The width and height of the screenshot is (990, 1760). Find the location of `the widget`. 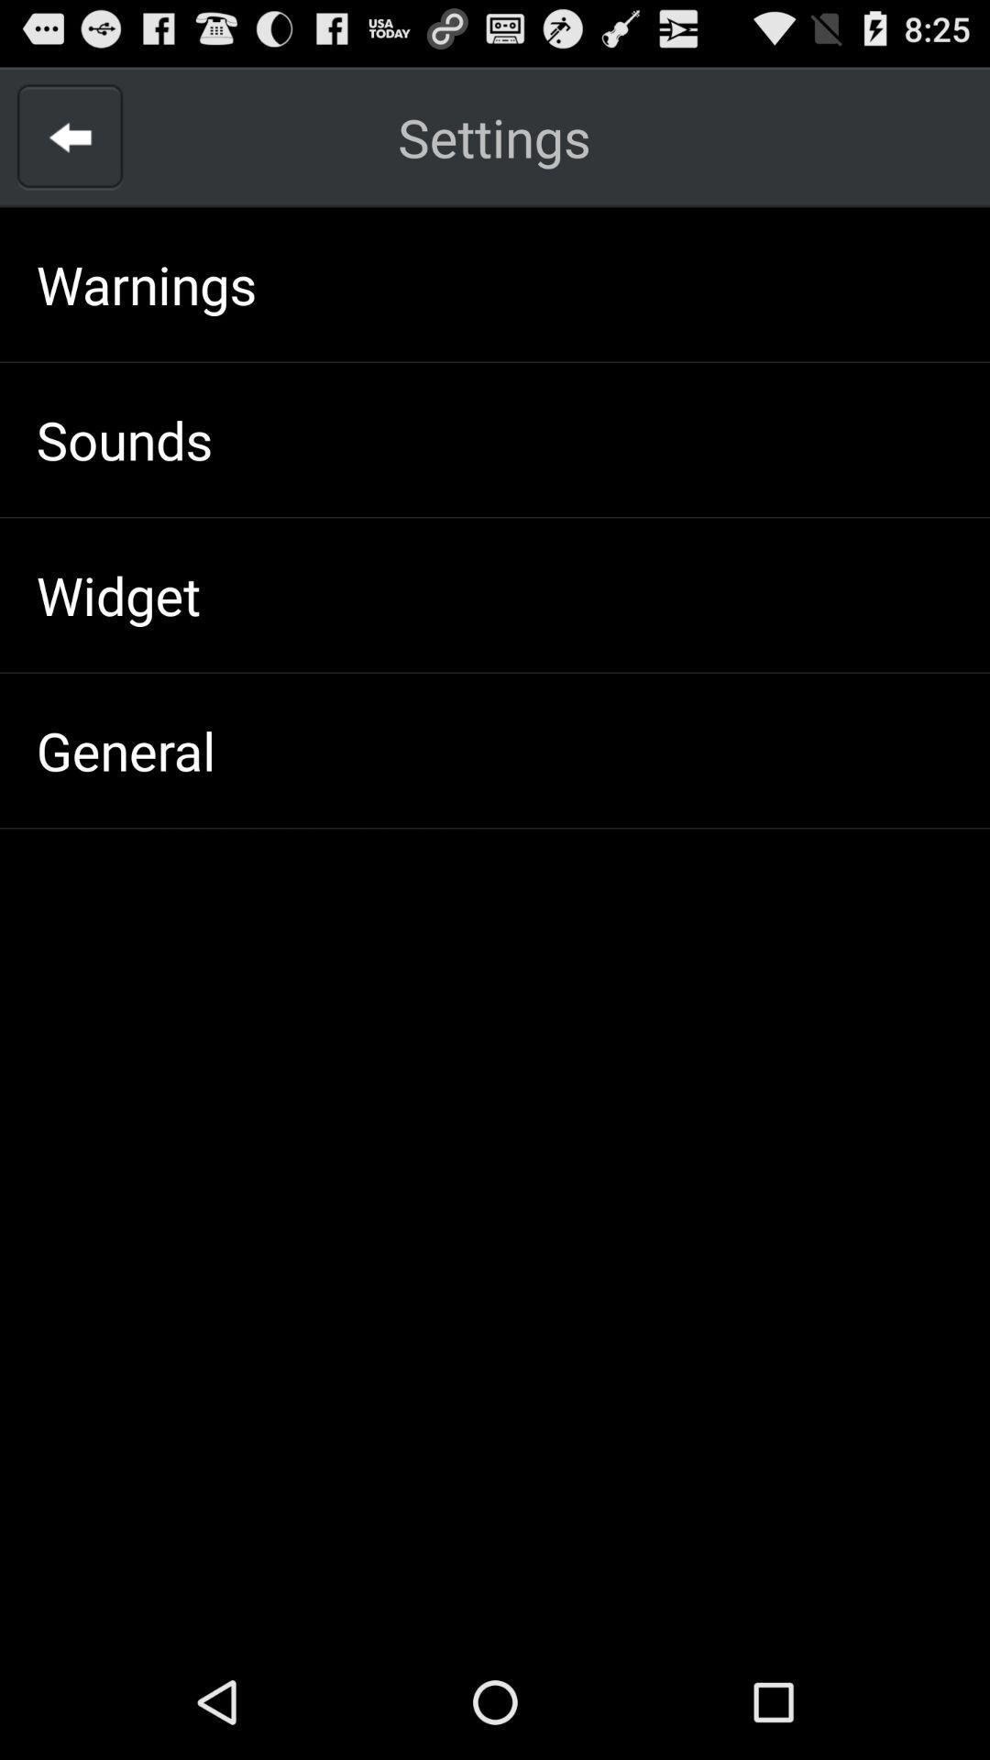

the widget is located at coordinates (118, 595).